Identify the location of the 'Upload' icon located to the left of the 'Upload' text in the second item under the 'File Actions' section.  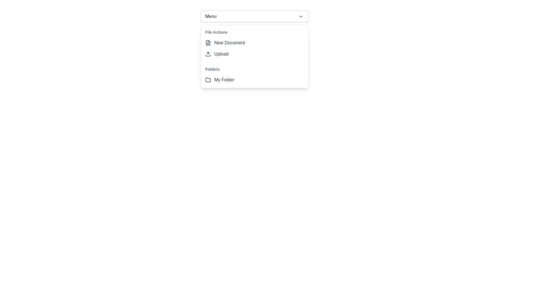
(208, 54).